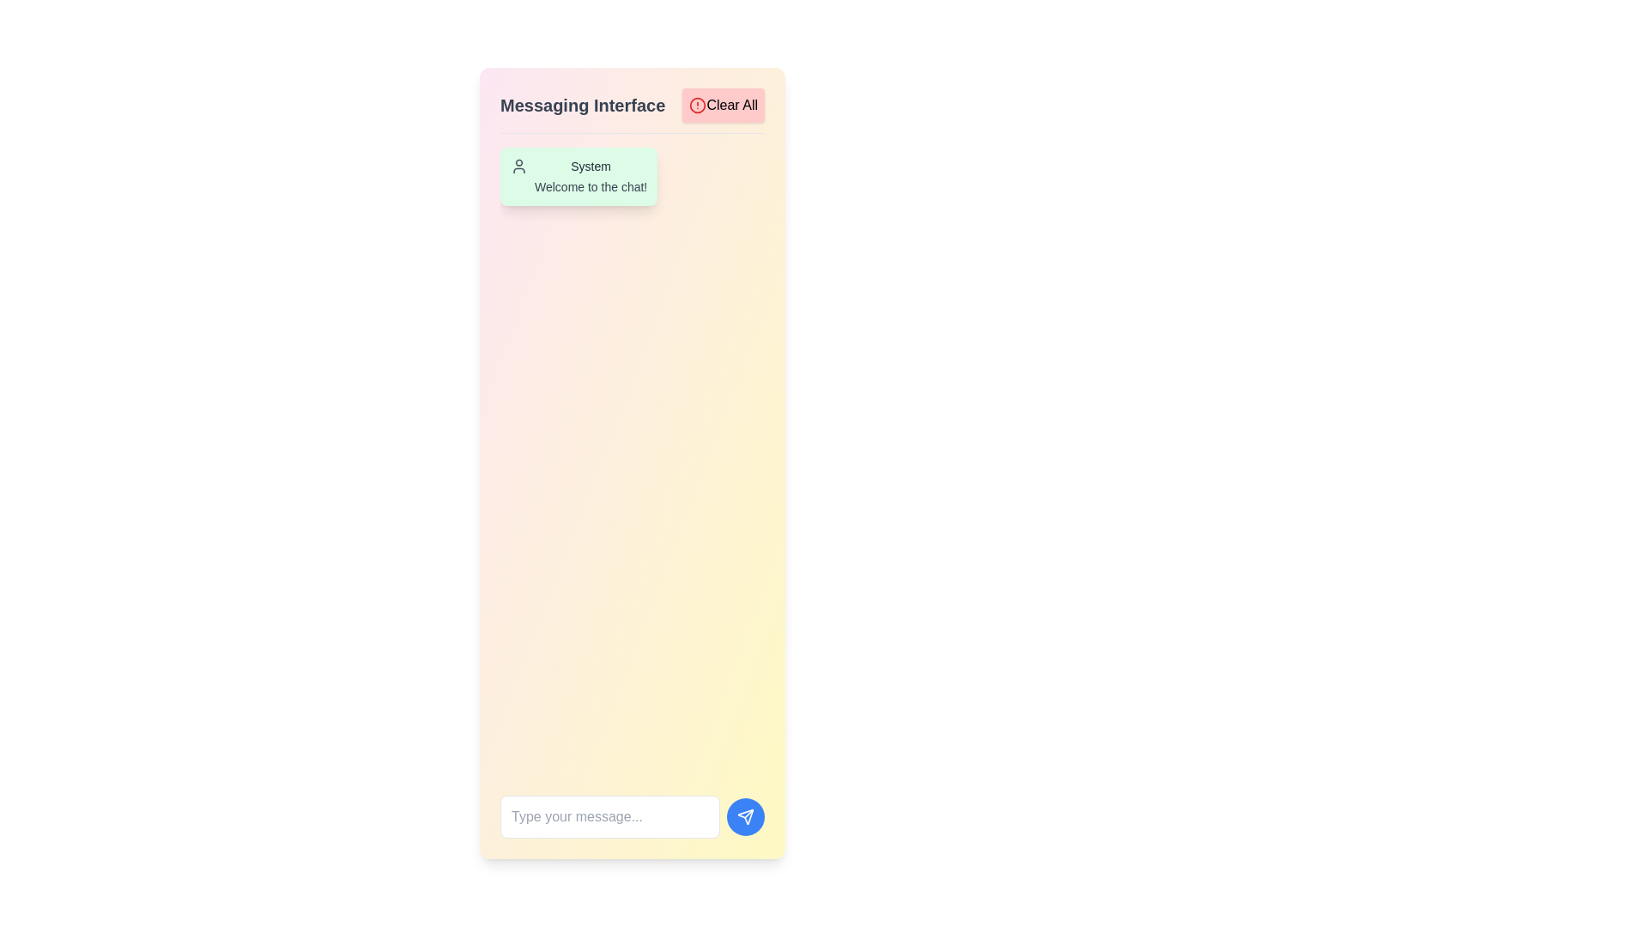 This screenshot has width=1648, height=927. Describe the element at coordinates (591, 166) in the screenshot. I see `the static text label displaying 'System', which is located in a light green background card under the 'Messaging Interface' header, positioned at the top-left area of the interface` at that location.